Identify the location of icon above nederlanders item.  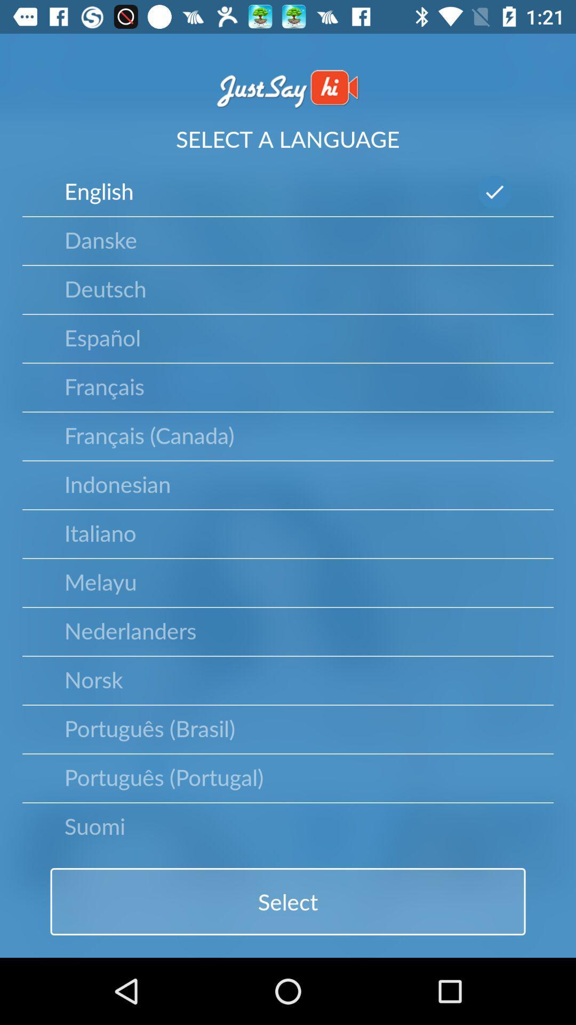
(100, 581).